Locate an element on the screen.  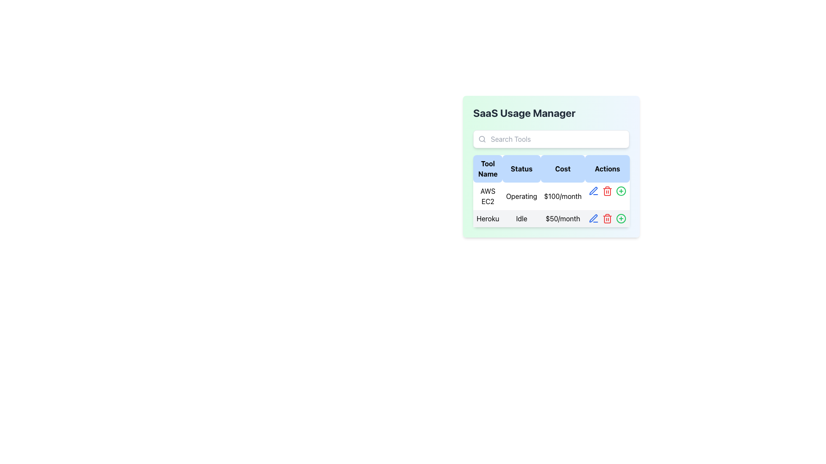
the 'AWS EC2' text label in the 'Tool Name' column of the table is located at coordinates (488, 196).